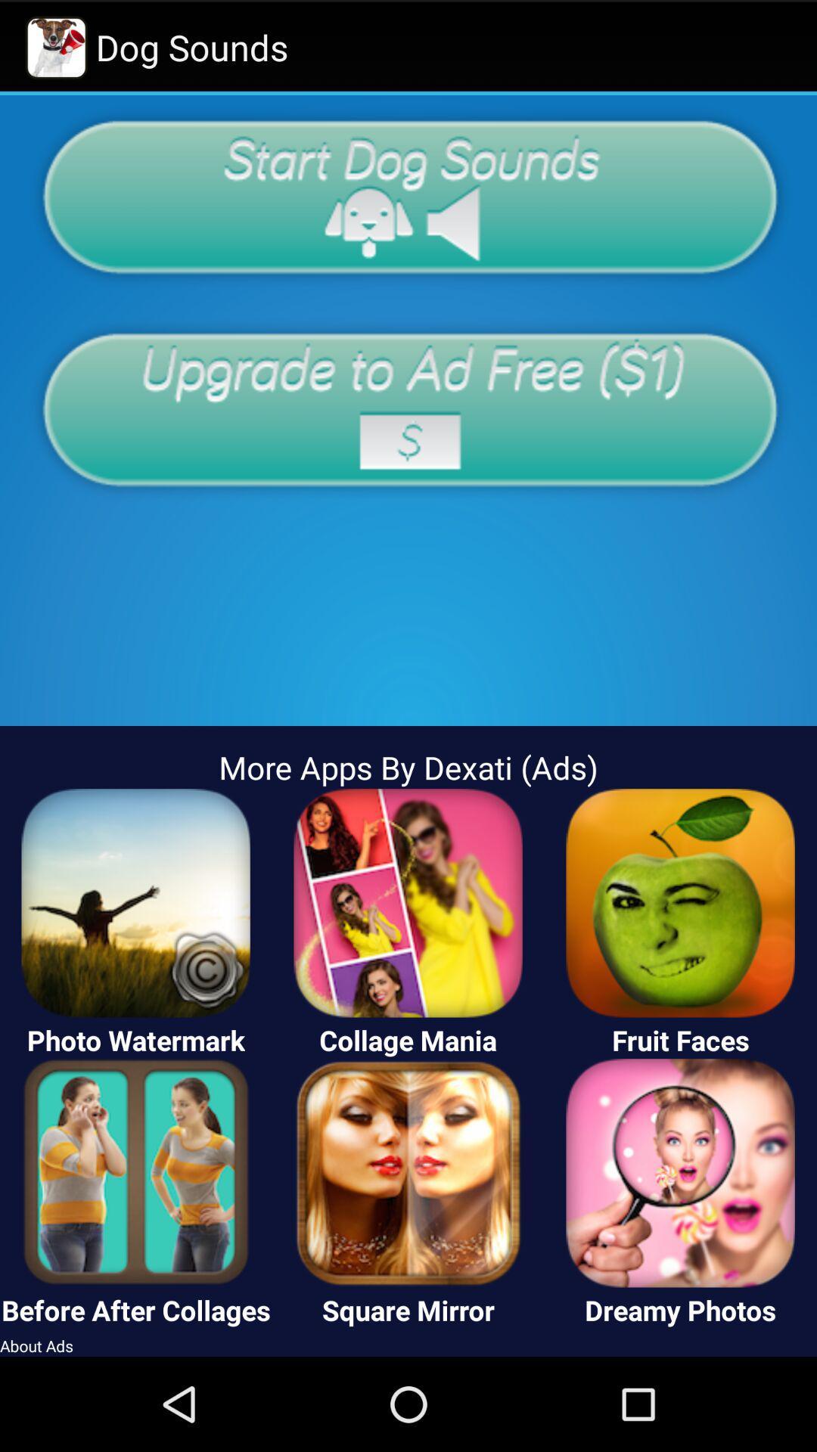 Image resolution: width=817 pixels, height=1452 pixels. What do you see at coordinates (408, 409) in the screenshot?
I see `upgrade to advertisement free` at bounding box center [408, 409].